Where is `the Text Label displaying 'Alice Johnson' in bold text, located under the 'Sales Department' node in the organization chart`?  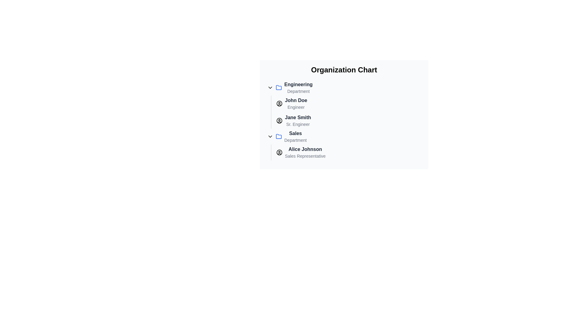 the Text Label displaying 'Alice Johnson' in bold text, located under the 'Sales Department' node in the organization chart is located at coordinates (305, 149).